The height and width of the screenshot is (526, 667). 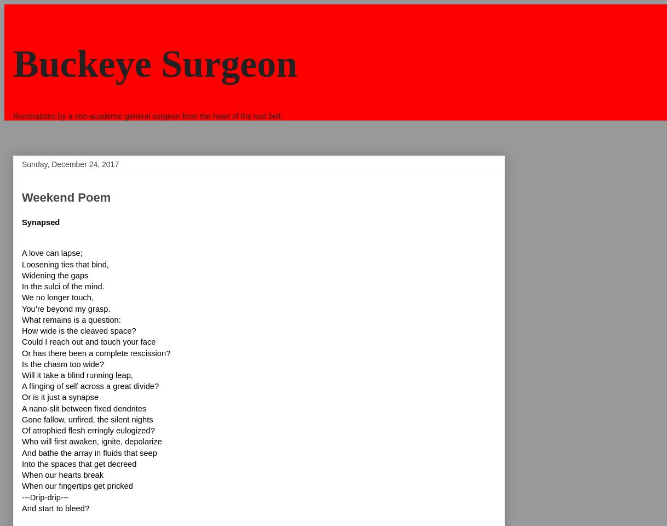 What do you see at coordinates (62, 364) in the screenshot?
I see `'Is the chasm too wide?'` at bounding box center [62, 364].